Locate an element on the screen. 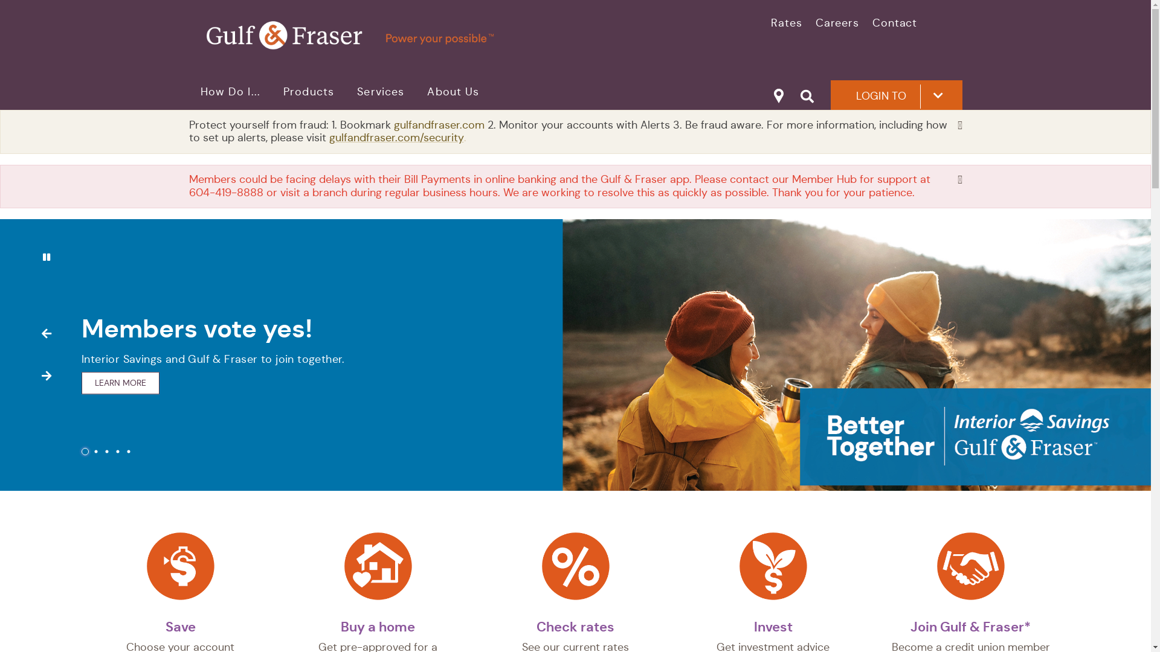 The width and height of the screenshot is (1160, 652). 'Invest' is located at coordinates (753, 626).